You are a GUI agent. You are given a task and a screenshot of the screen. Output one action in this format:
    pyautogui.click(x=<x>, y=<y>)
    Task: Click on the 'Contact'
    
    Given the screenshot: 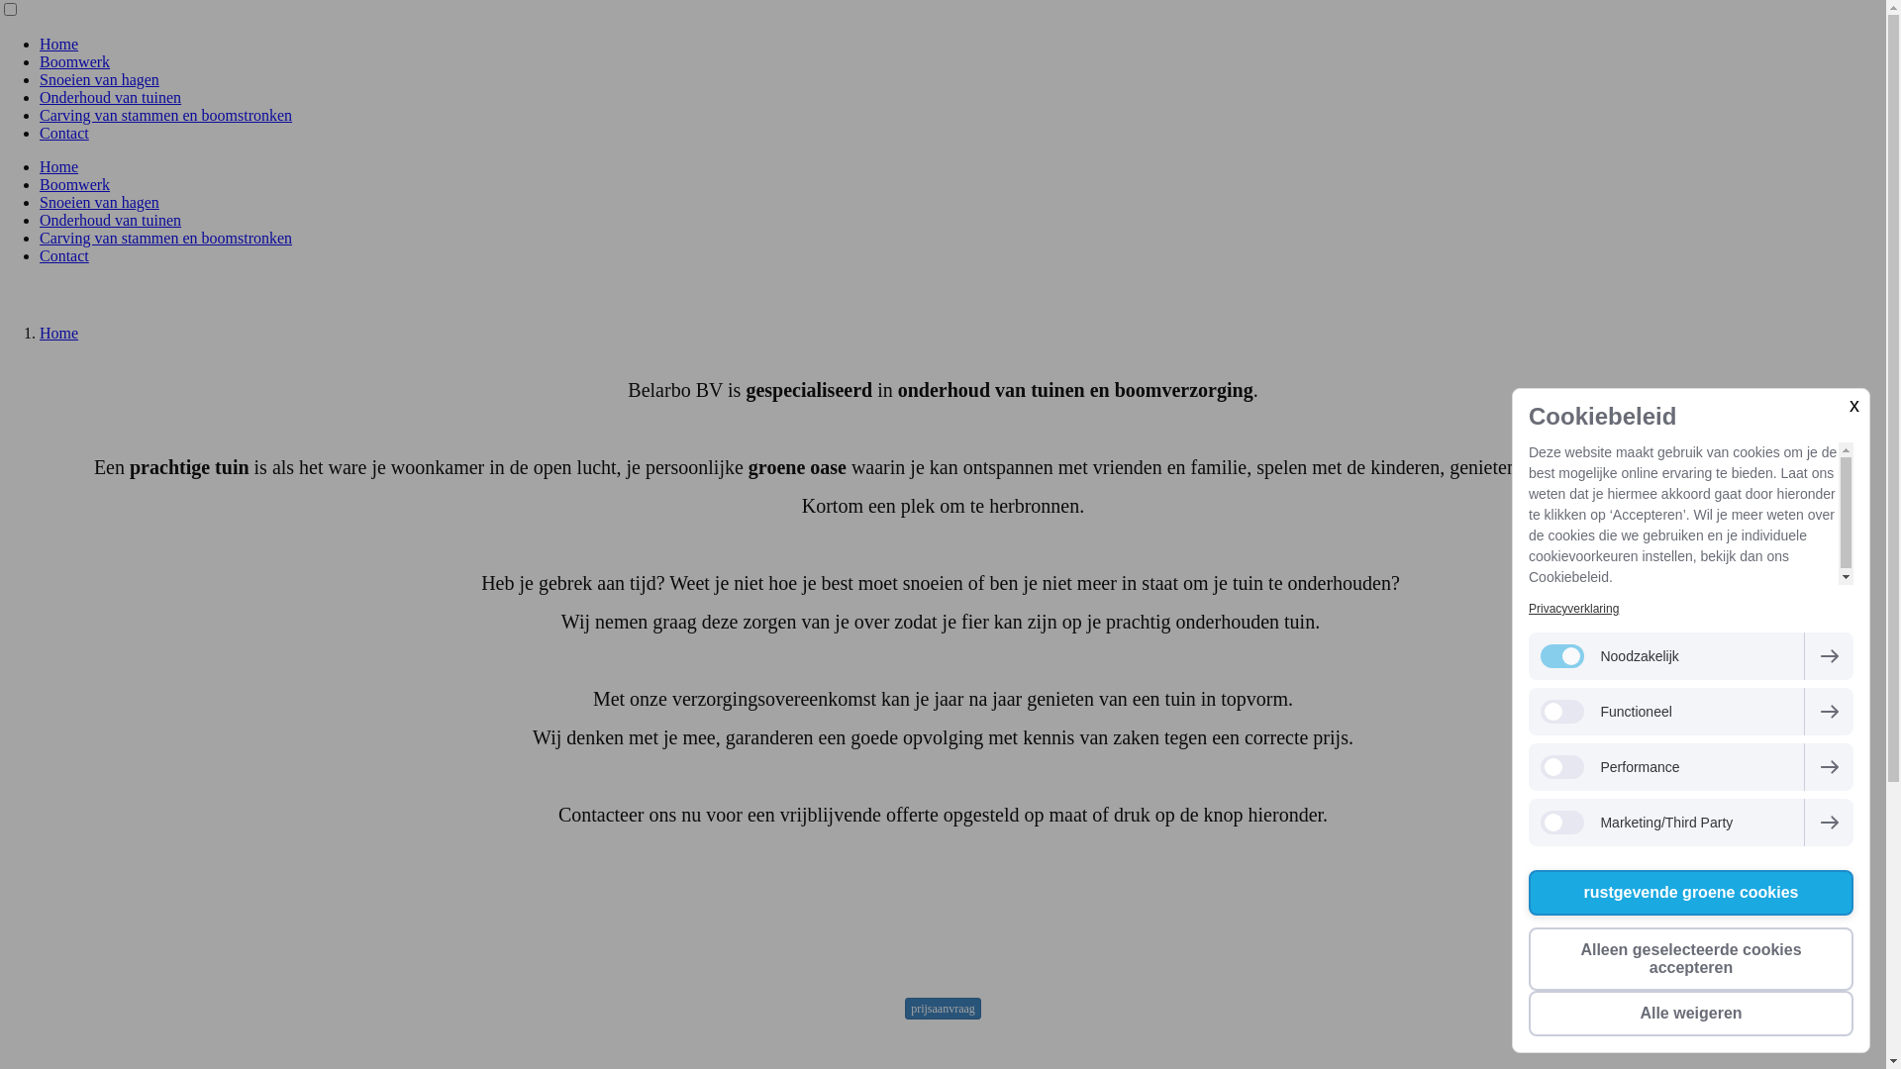 What is the action you would take?
    pyautogui.click(x=64, y=254)
    